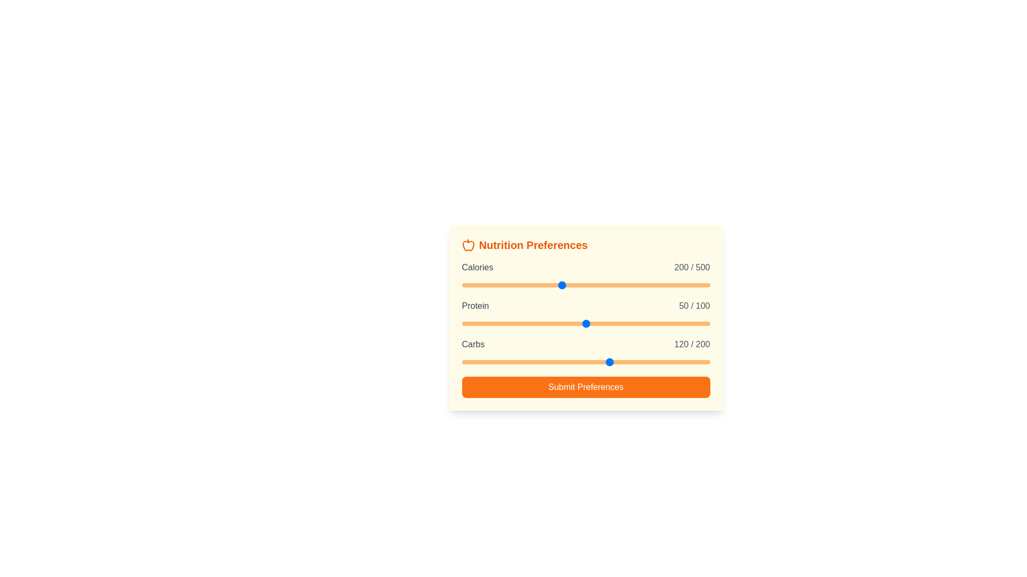  Describe the element at coordinates (585, 353) in the screenshot. I see `current values displayed in the carbohydrate metric, which is the third row among nutrition metrics in the 'Nutrition Preferences' card, positioned between the 'Protein' metric and the 'Submit Preferences' button` at that location.